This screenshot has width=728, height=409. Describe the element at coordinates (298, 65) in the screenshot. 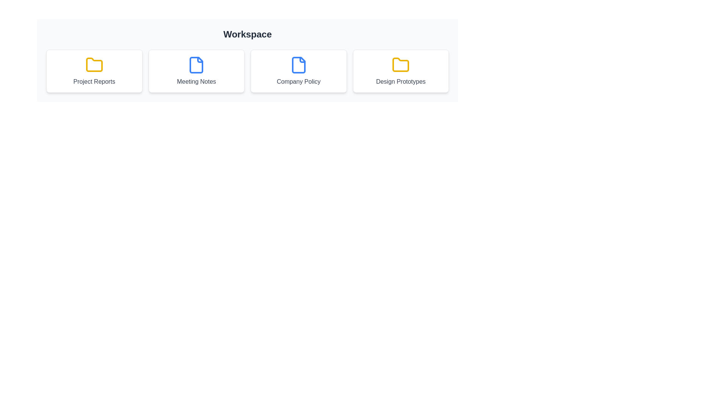

I see `the blue outlined document file icon located above the 'Company Policy' text label in the top row of the grid` at that location.